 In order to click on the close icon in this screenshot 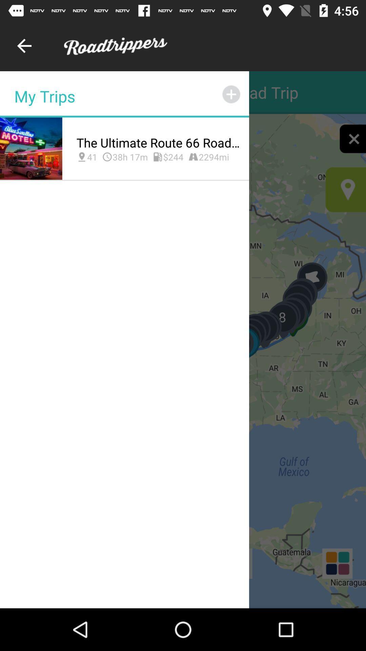, I will do `click(352, 138)`.